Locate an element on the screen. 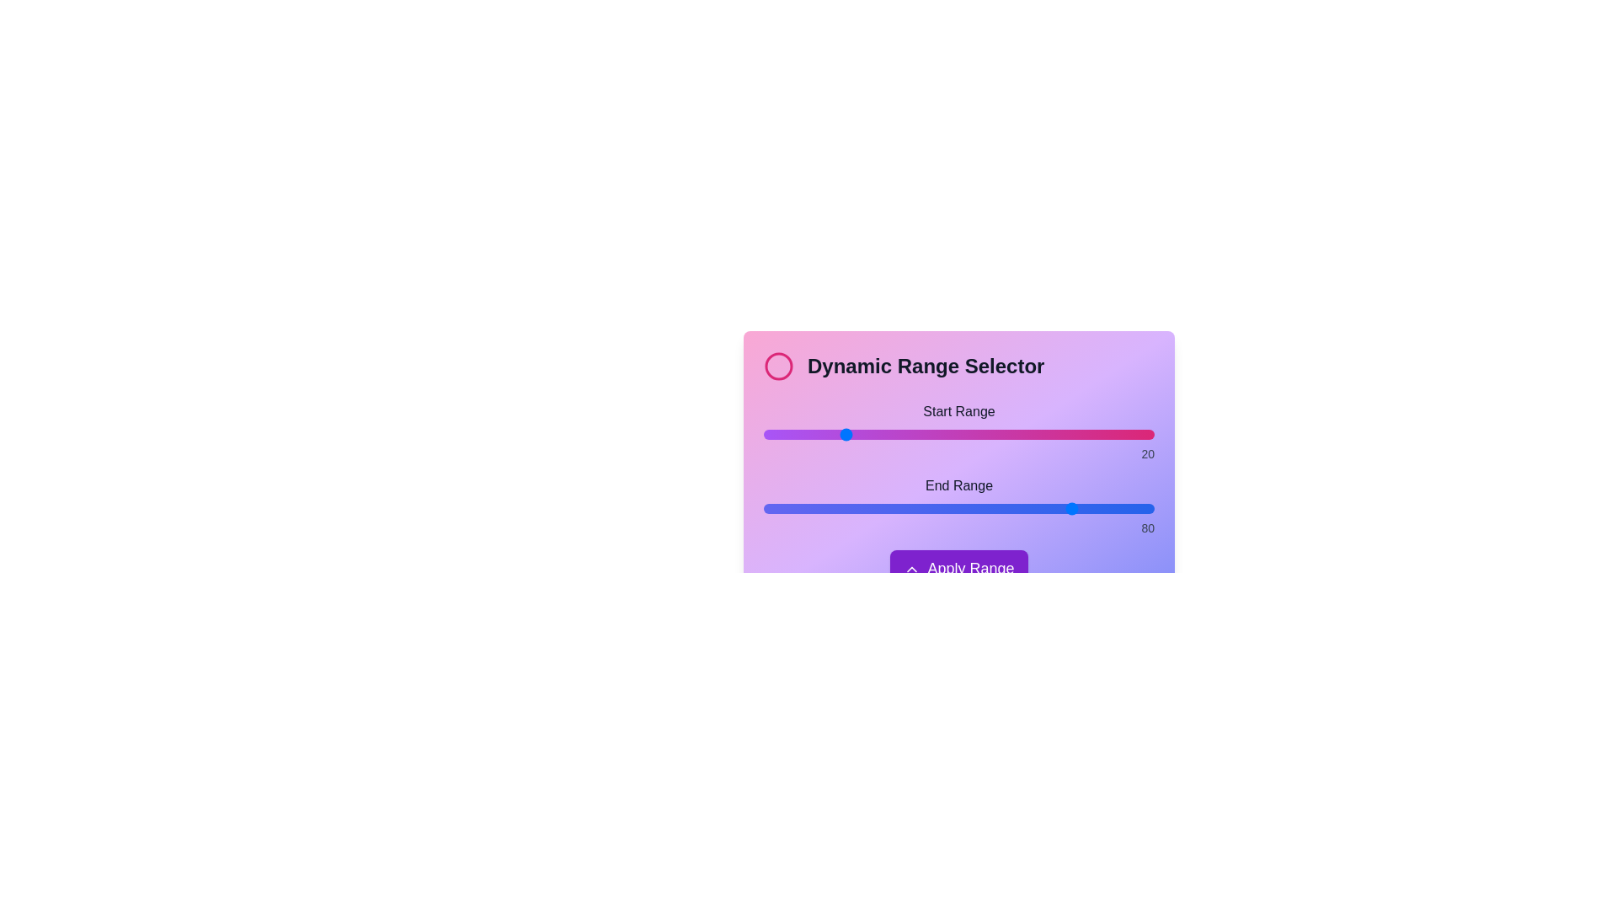  the start range slider to 69 by dragging the slider to the desired position is located at coordinates (1033, 434).